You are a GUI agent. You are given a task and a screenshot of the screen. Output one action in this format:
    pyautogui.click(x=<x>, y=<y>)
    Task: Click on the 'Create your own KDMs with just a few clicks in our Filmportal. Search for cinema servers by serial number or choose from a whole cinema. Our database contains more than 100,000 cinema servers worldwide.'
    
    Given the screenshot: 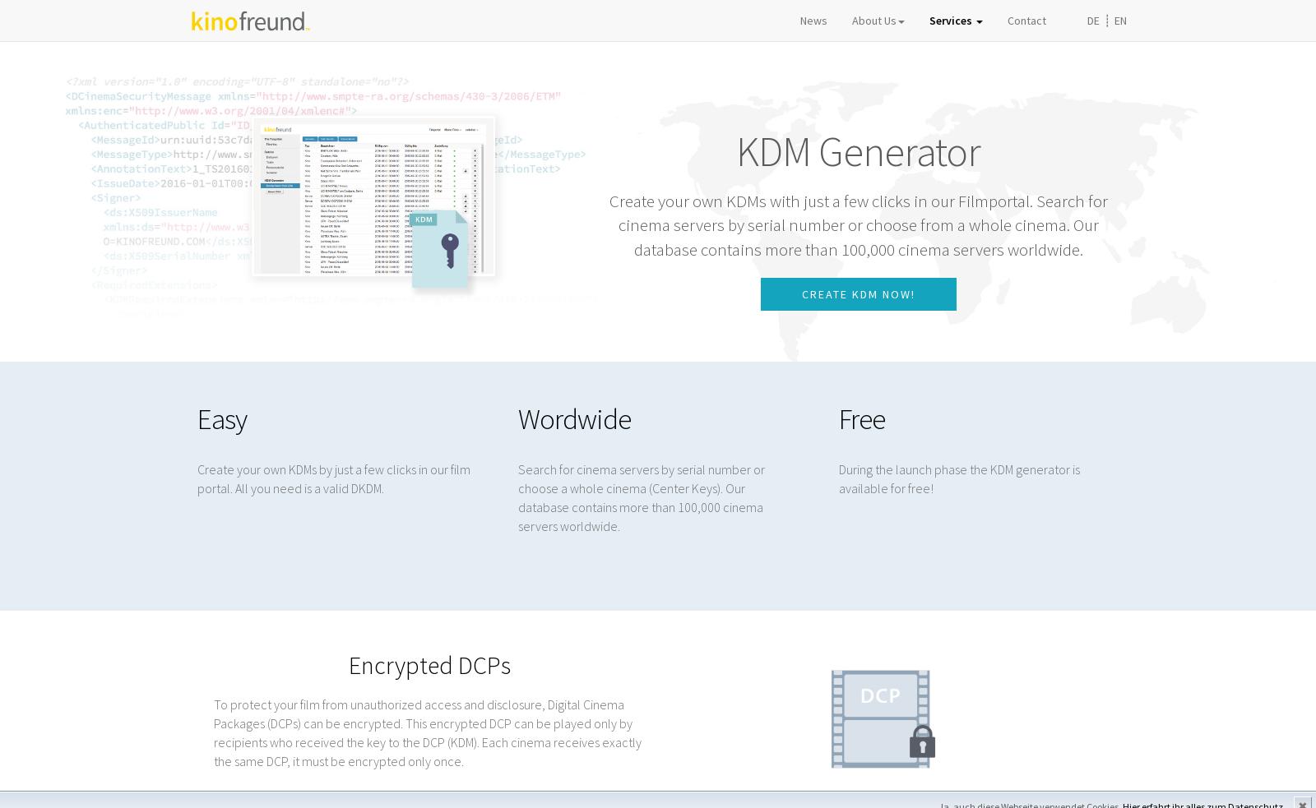 What is the action you would take?
    pyautogui.click(x=858, y=224)
    